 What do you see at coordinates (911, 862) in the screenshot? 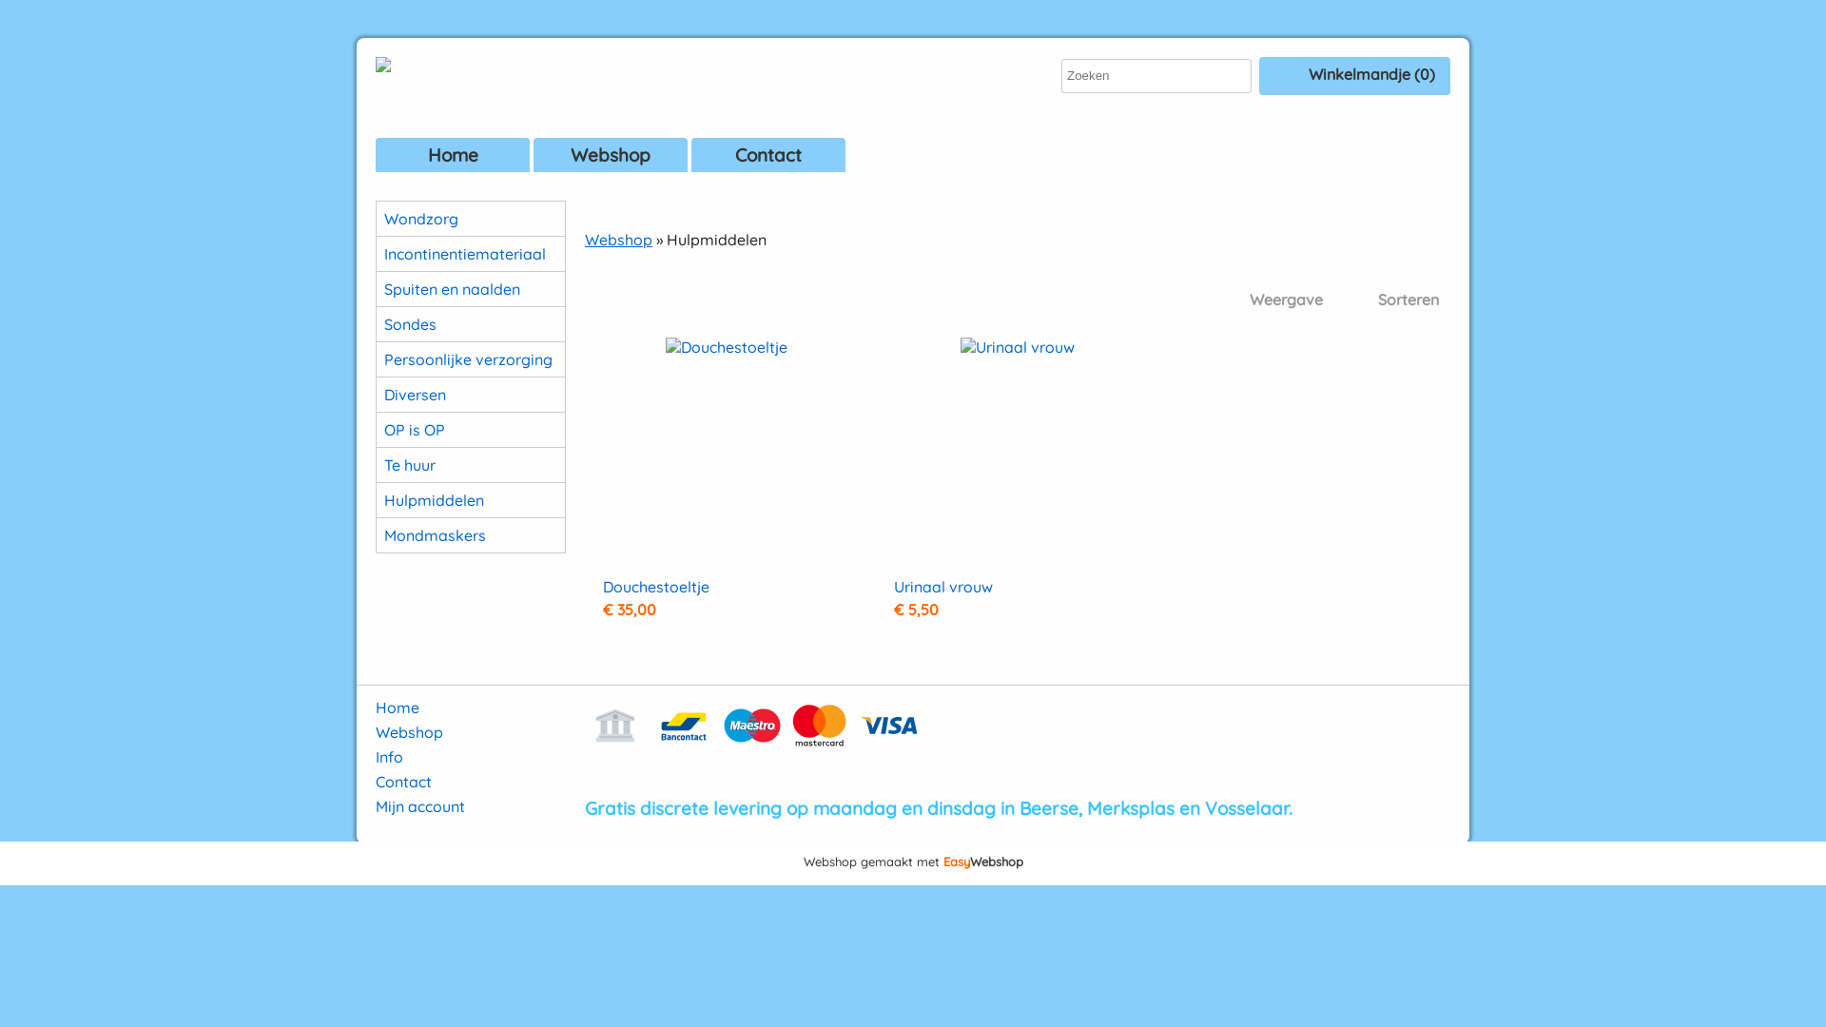
I see `'Webshop gemaakt met EasyWebshop'` at bounding box center [911, 862].